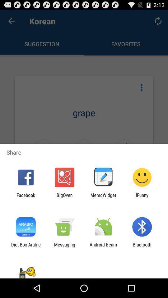  Describe the element at coordinates (142, 247) in the screenshot. I see `the bluetooth` at that location.